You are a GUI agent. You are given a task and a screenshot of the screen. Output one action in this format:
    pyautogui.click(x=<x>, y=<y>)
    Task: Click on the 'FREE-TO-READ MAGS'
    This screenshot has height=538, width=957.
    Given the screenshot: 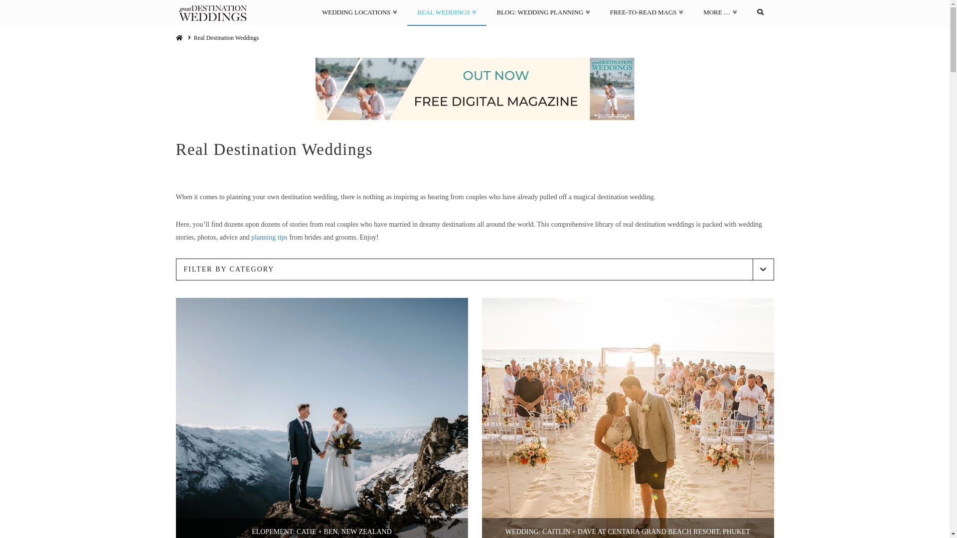 What is the action you would take?
    pyautogui.click(x=600, y=12)
    